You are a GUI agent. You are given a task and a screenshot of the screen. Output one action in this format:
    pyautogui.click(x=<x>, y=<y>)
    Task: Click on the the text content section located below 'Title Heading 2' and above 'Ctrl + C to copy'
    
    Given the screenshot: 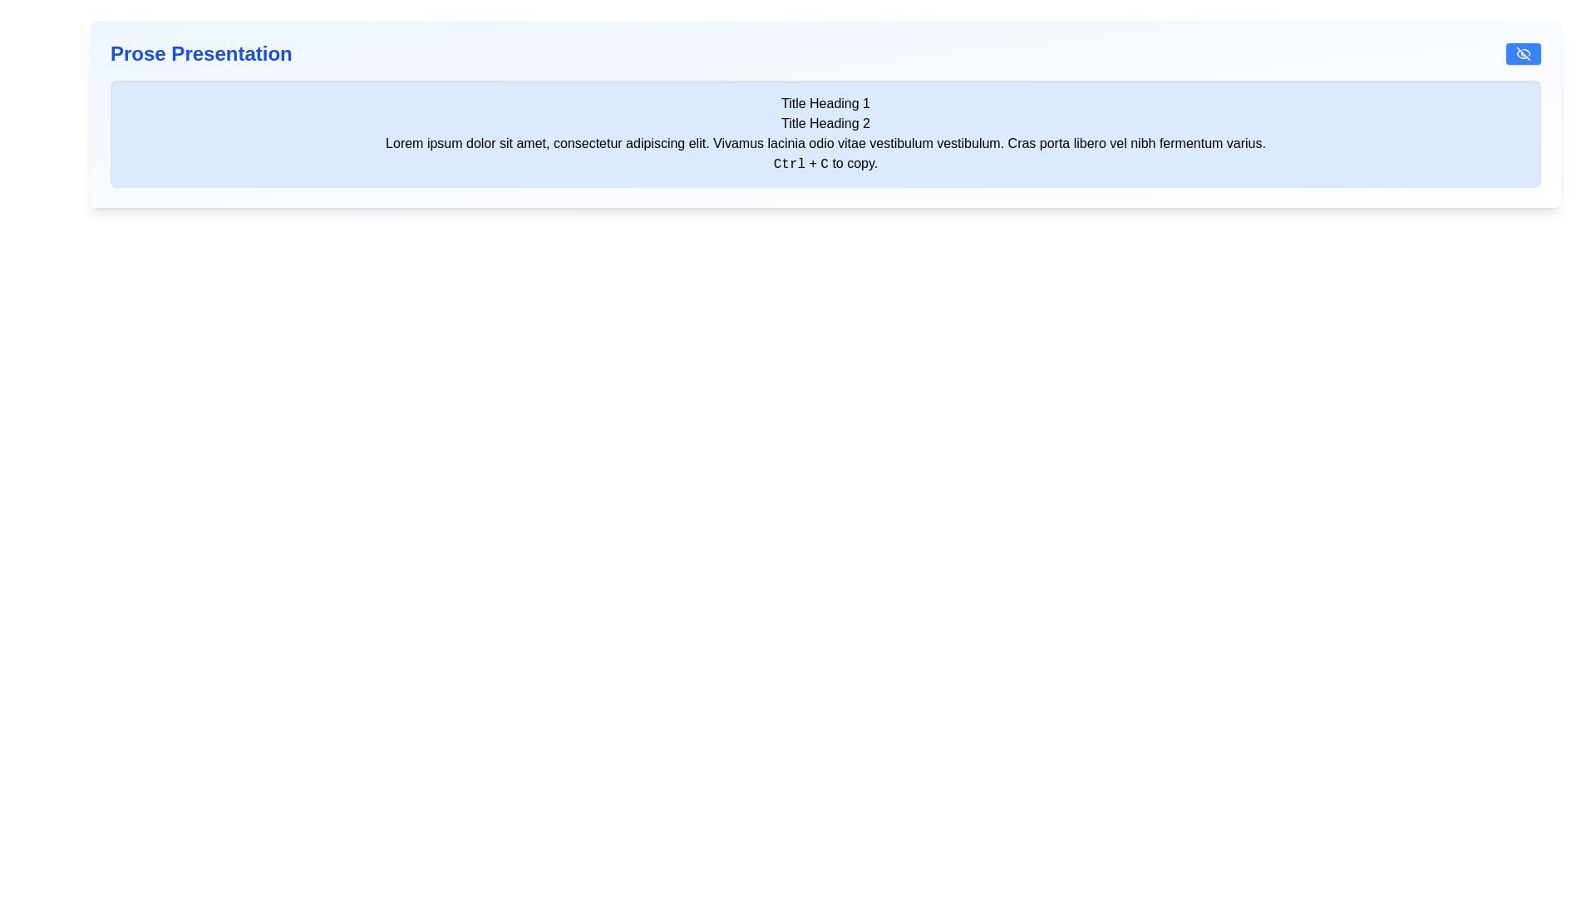 What is the action you would take?
    pyautogui.click(x=825, y=143)
    